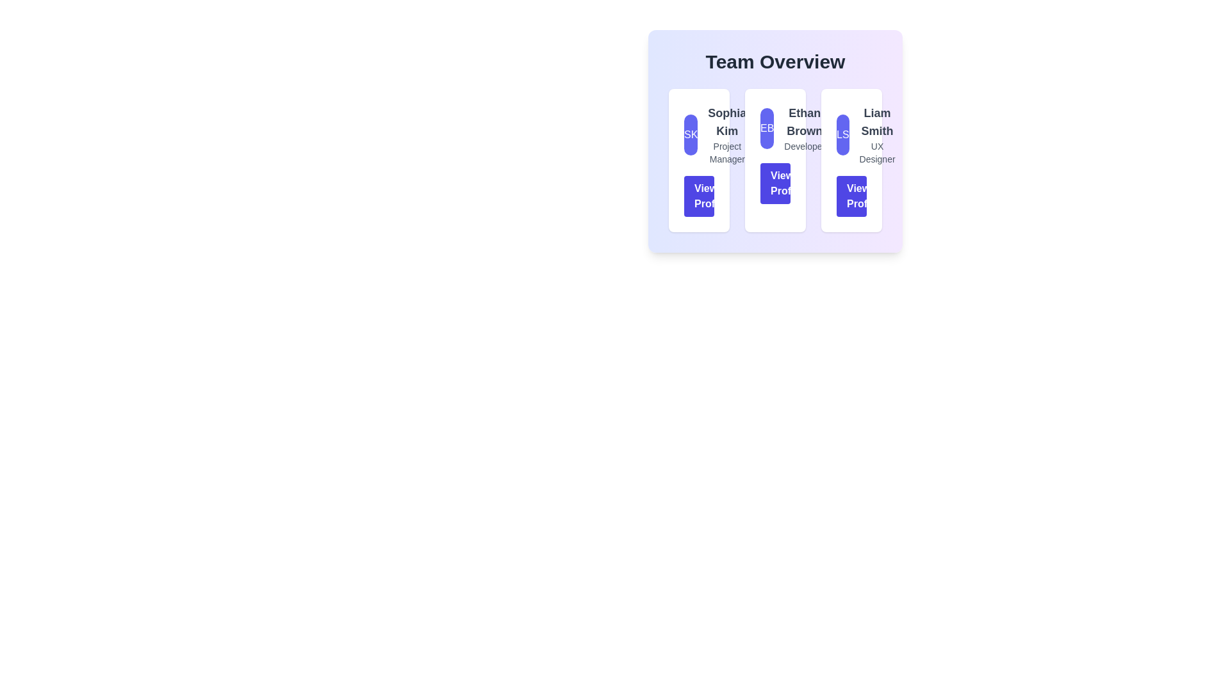  Describe the element at coordinates (851, 196) in the screenshot. I see `the 'View Profile' button with an indigo blue background and white text located at the bottom of Liam Smith's card` at that location.